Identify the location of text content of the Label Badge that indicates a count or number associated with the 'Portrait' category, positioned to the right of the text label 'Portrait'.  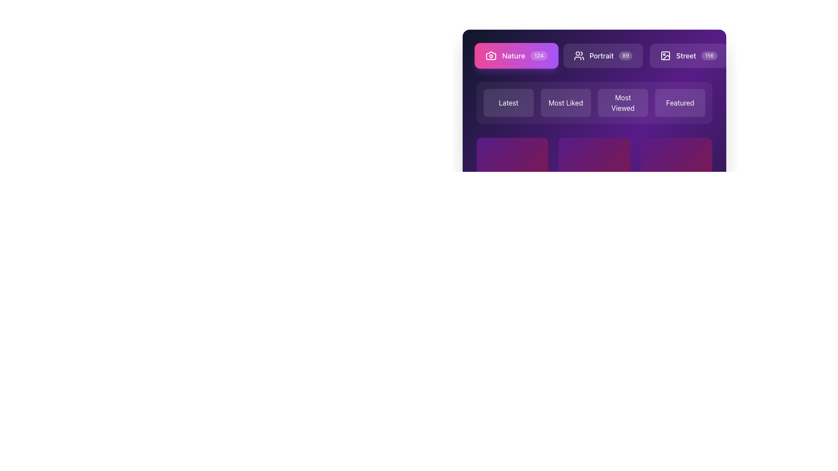
(625, 55).